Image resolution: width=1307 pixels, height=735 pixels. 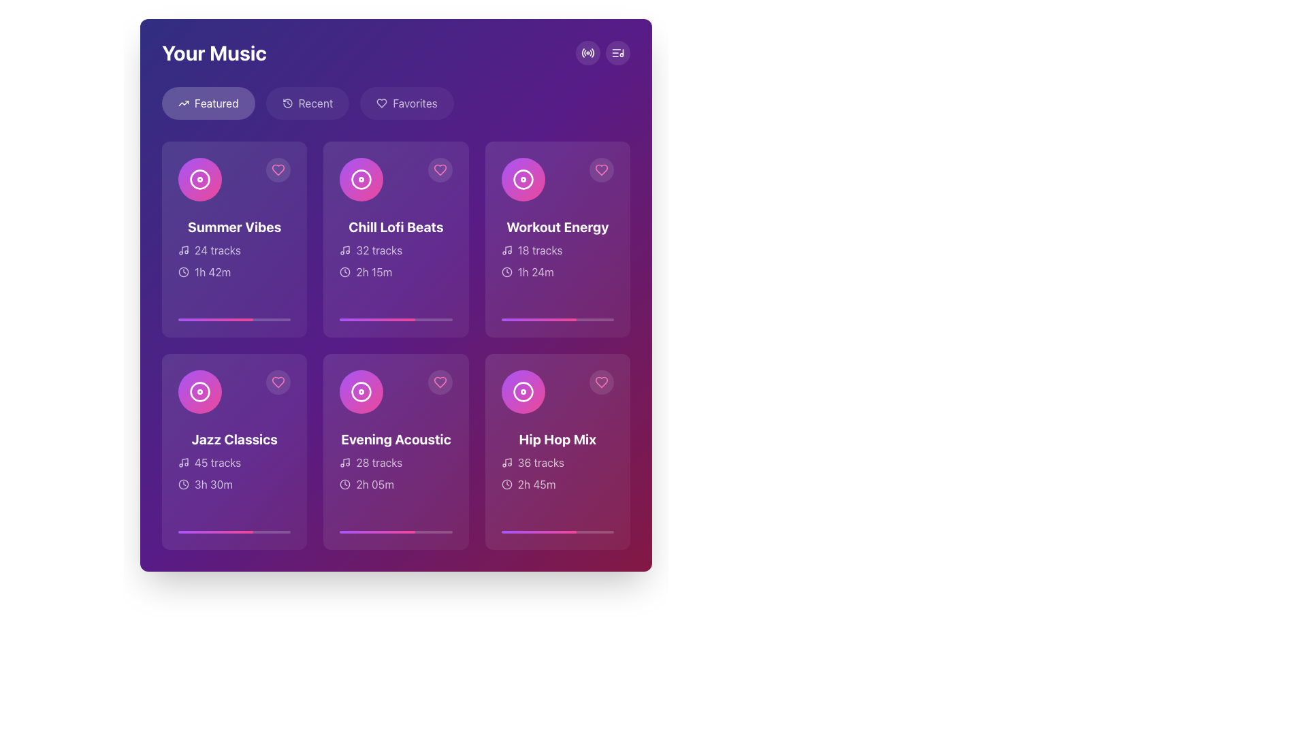 What do you see at coordinates (395, 472) in the screenshot?
I see `text content of the textual display associated with the 'Evening Acoustic' playlist, located in the second row and second column of the grid layout, directly beneath the playlist title and above the progress bar` at bounding box center [395, 472].